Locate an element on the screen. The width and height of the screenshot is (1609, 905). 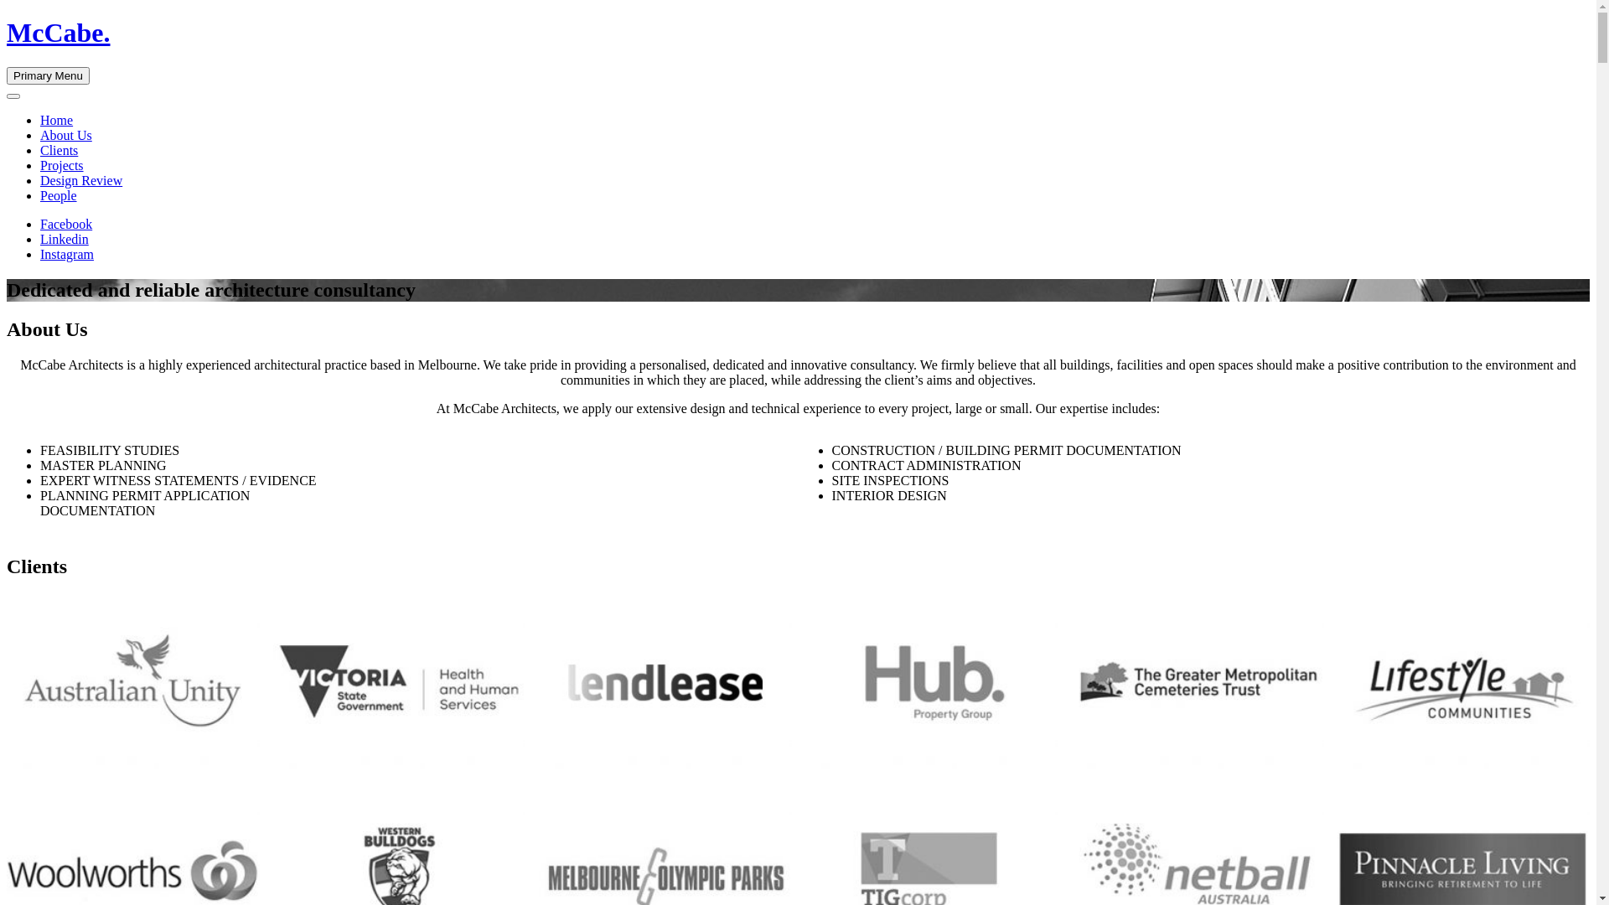
'Design Review' is located at coordinates (80, 180).